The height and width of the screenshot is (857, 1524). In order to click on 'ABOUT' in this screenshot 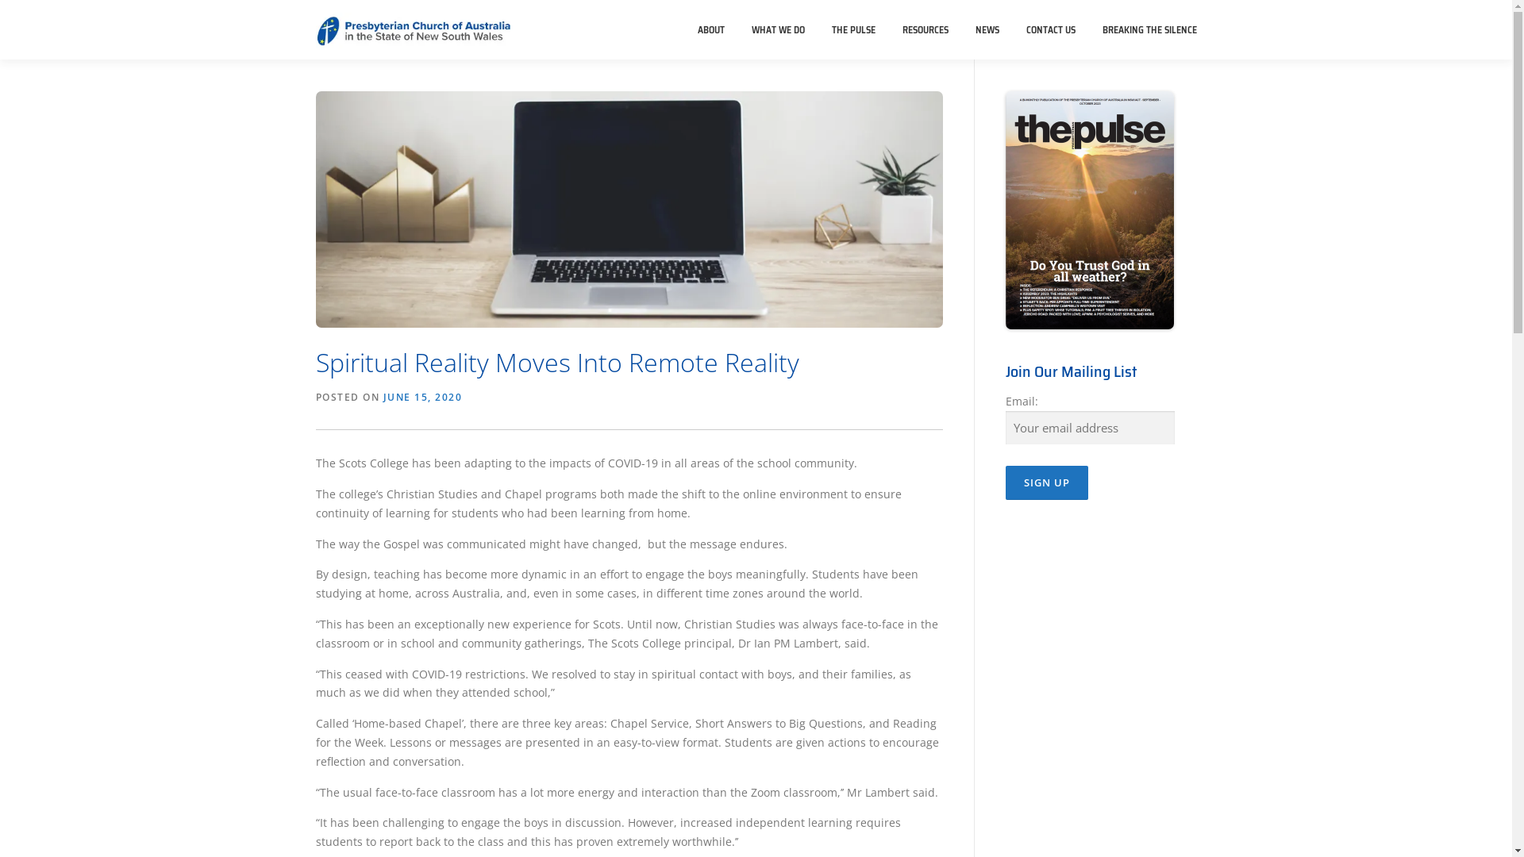, I will do `click(684, 29)`.